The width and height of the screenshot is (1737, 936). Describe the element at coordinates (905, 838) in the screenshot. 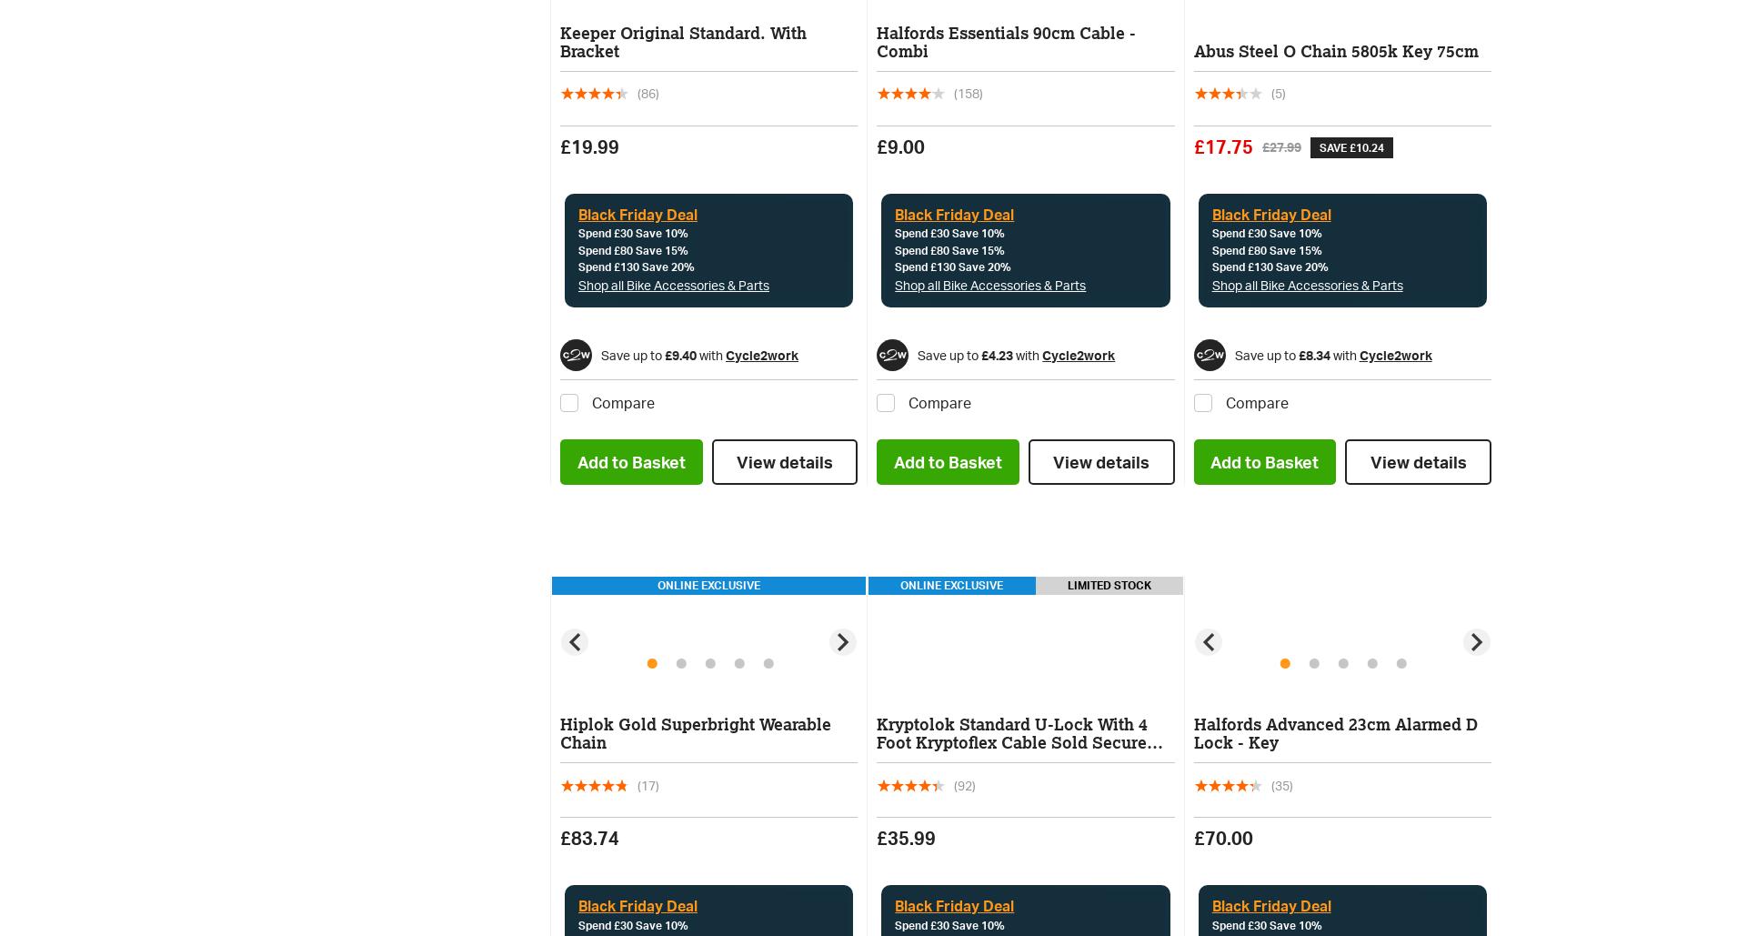

I see `'£35.99'` at that location.